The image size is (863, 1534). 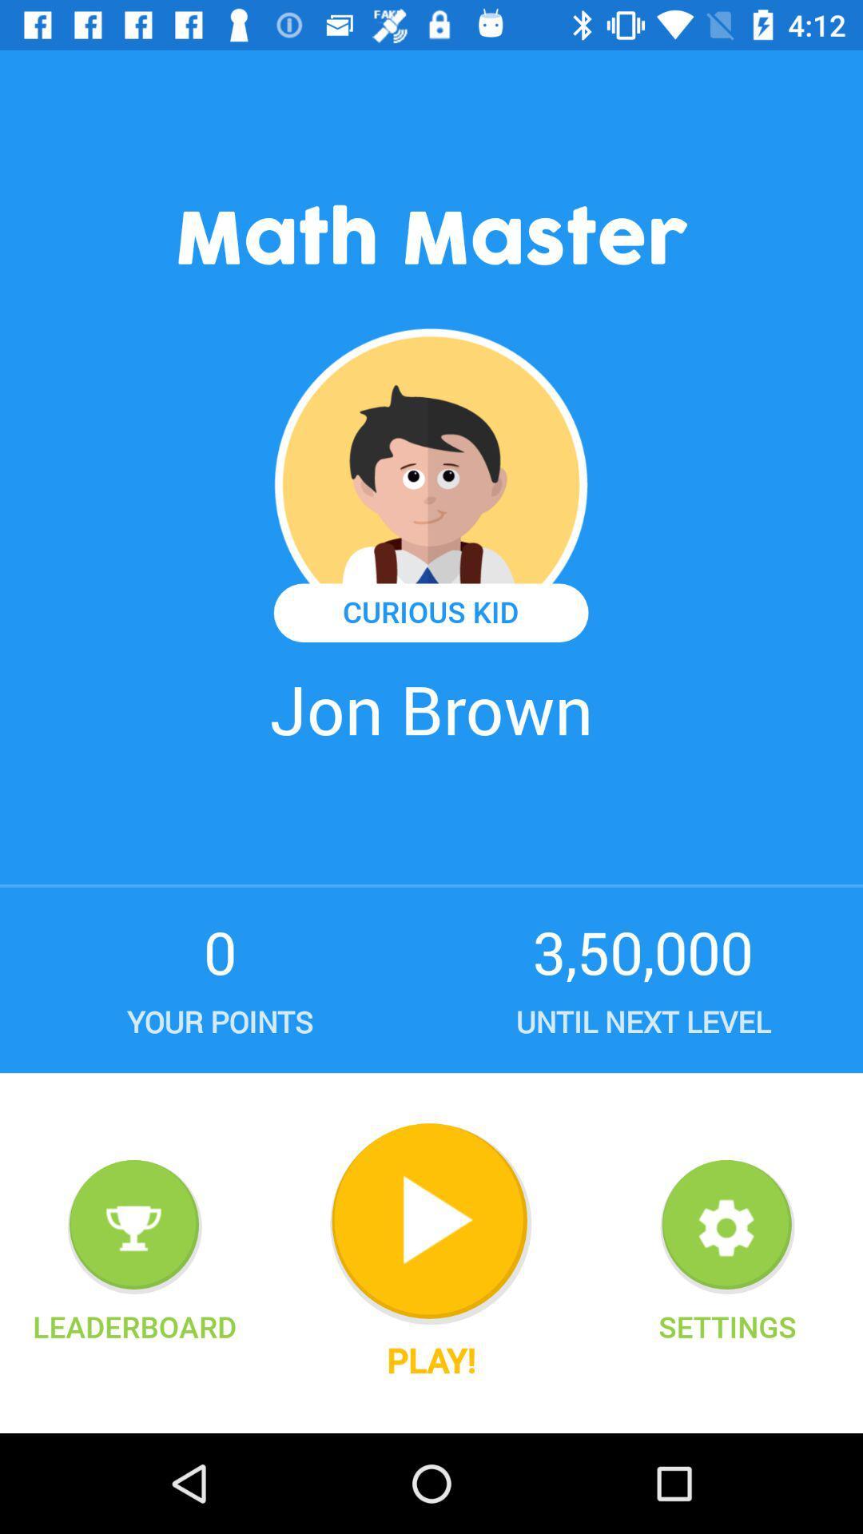 What do you see at coordinates (727, 1226) in the screenshot?
I see `settings` at bounding box center [727, 1226].